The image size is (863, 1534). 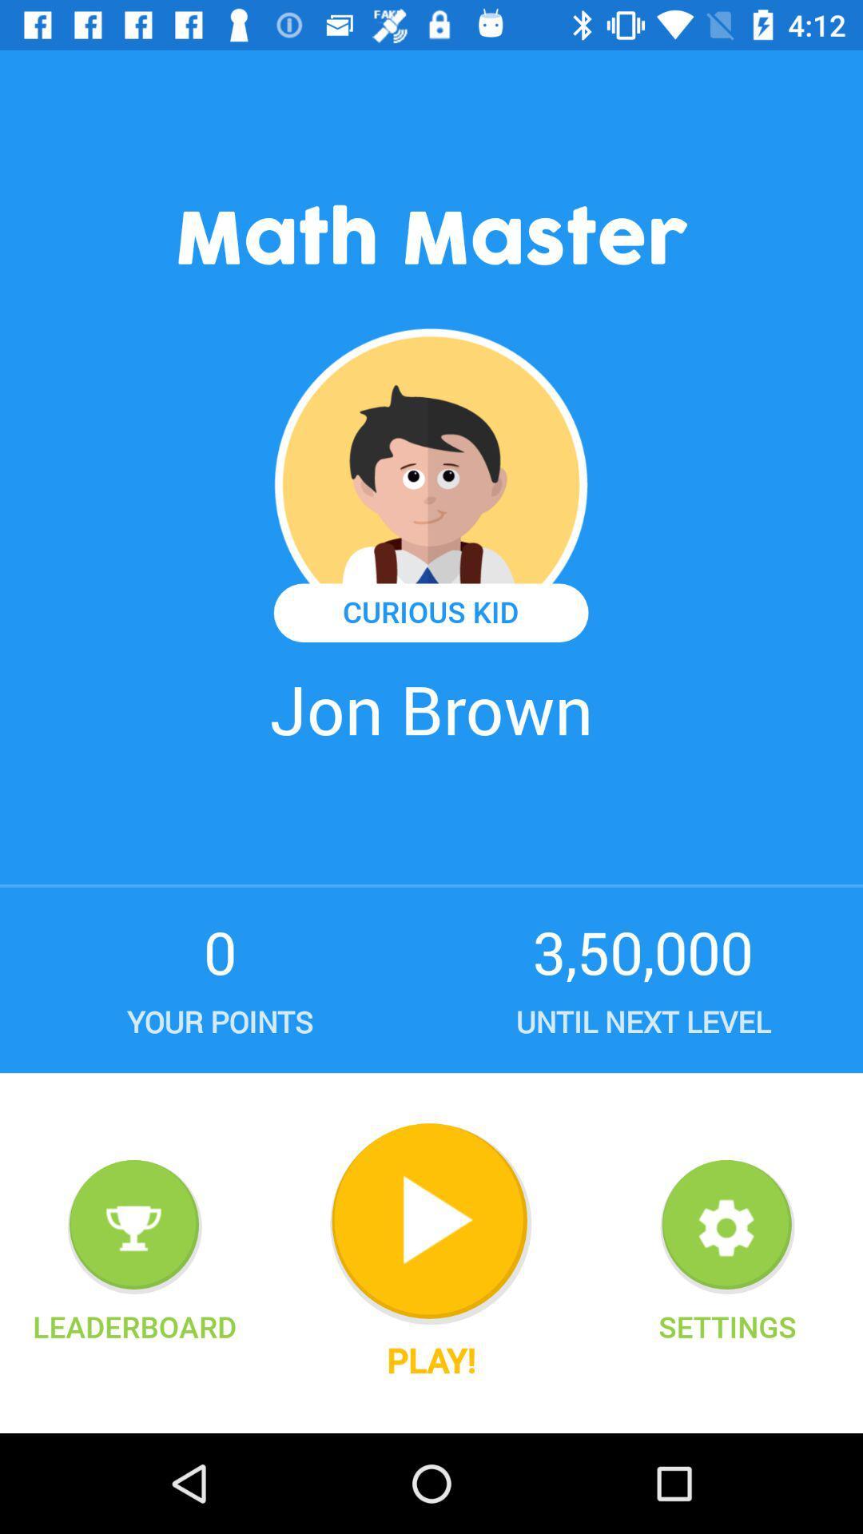 What do you see at coordinates (727, 1226) in the screenshot?
I see `settings` at bounding box center [727, 1226].